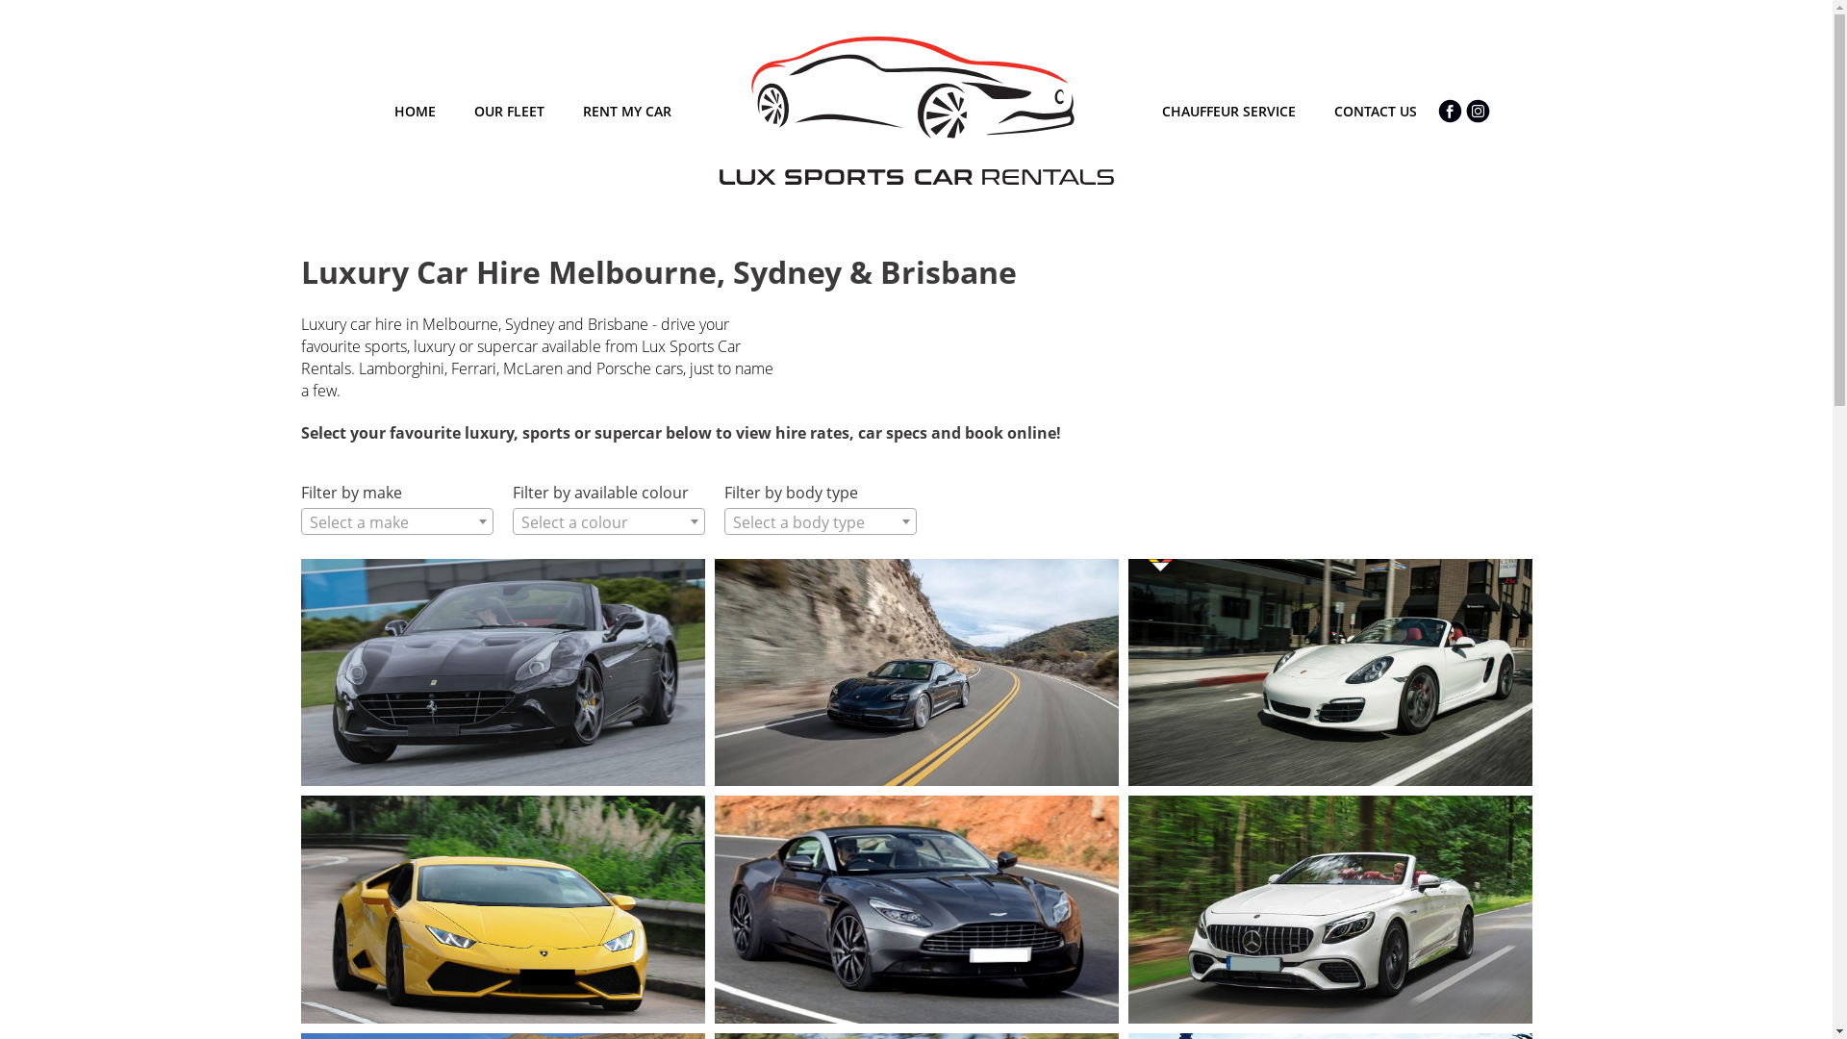 The height and width of the screenshot is (1039, 1847). What do you see at coordinates (1227, 111) in the screenshot?
I see `'CHAUFFEUR SERVICE'` at bounding box center [1227, 111].